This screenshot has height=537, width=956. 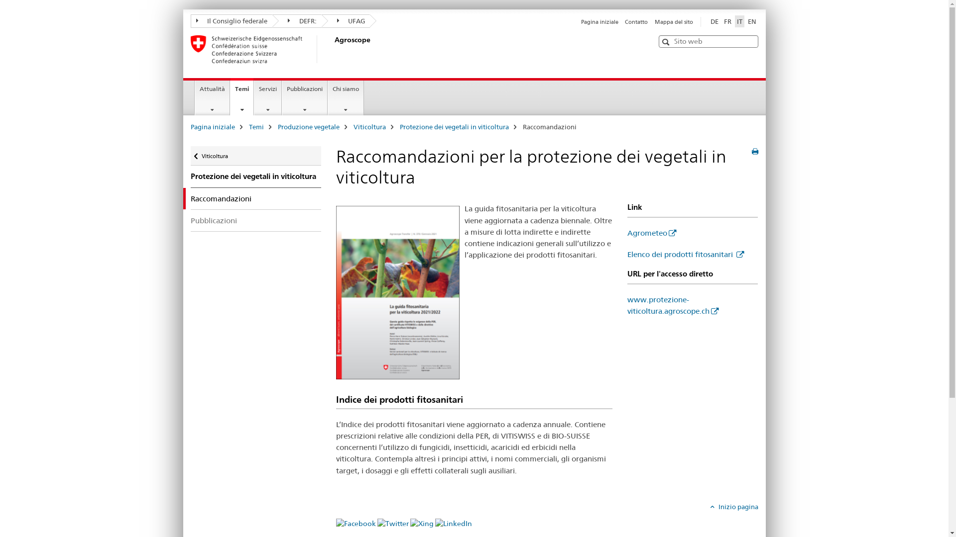 I want to click on 'FR', so click(x=727, y=21).